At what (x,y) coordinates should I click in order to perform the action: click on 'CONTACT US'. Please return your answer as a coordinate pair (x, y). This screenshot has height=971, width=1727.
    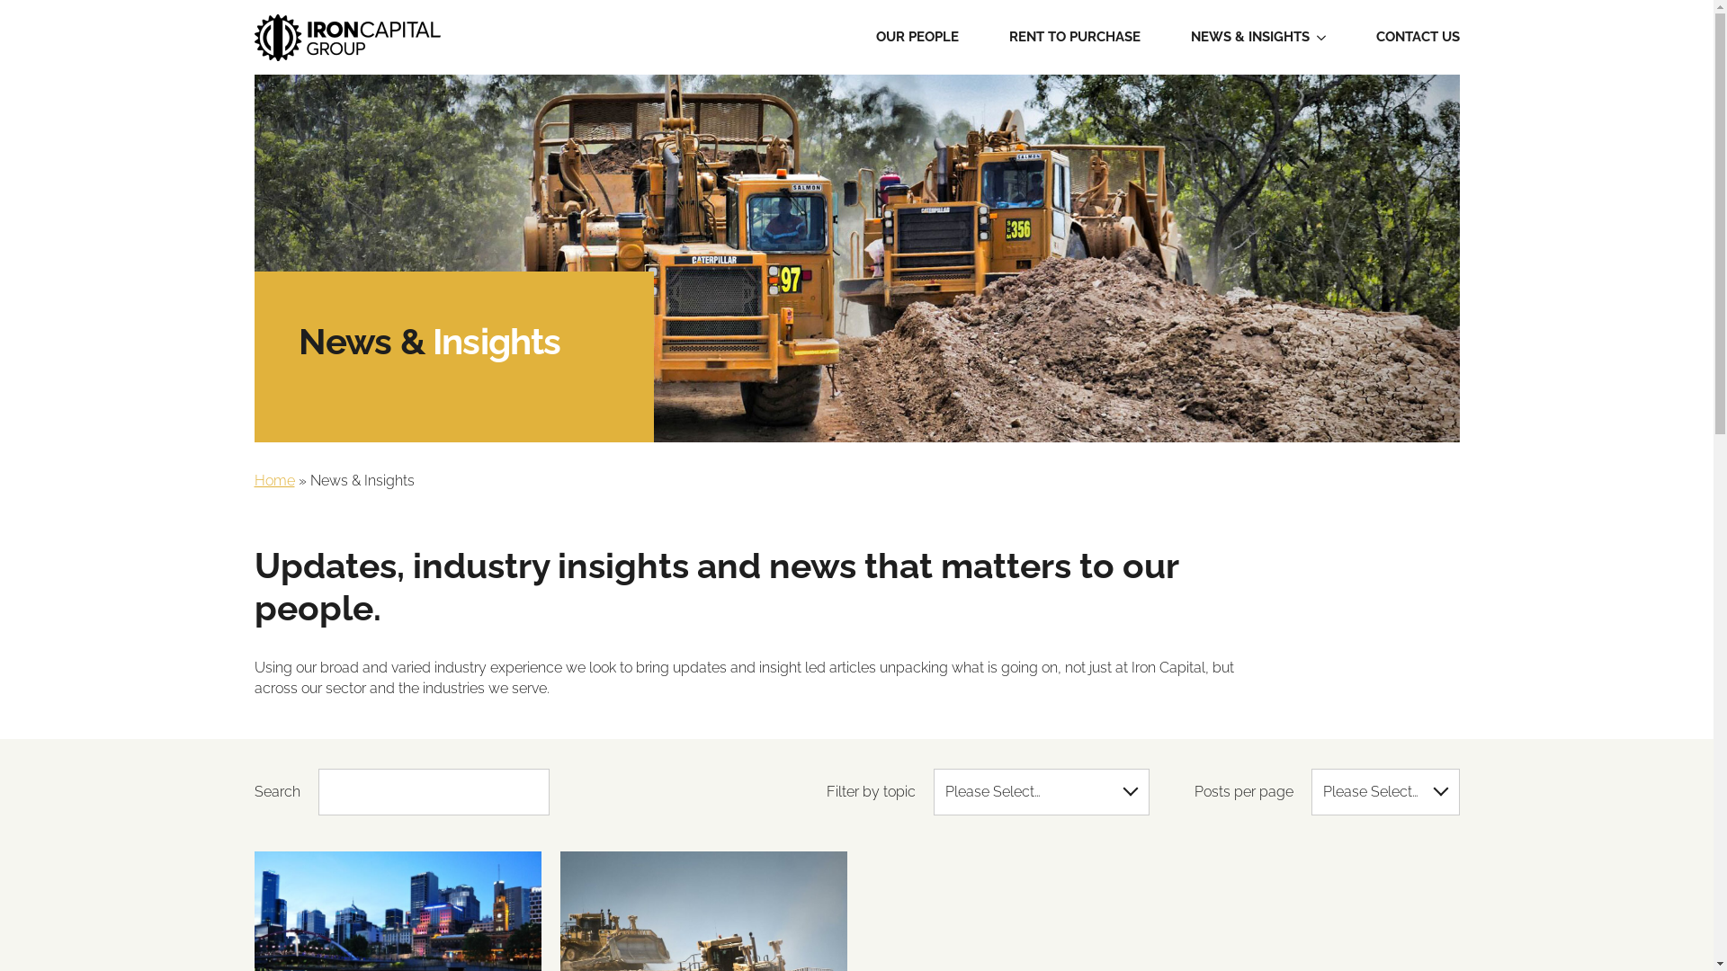
    Looking at the image, I should click on (1417, 38).